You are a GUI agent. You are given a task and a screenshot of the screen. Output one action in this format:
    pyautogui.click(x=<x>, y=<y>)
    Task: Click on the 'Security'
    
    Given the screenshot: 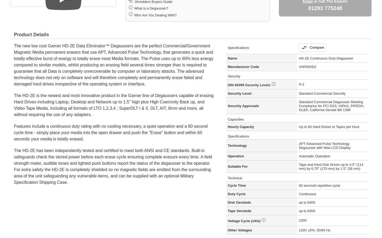 What is the action you would take?
    pyautogui.click(x=233, y=76)
    